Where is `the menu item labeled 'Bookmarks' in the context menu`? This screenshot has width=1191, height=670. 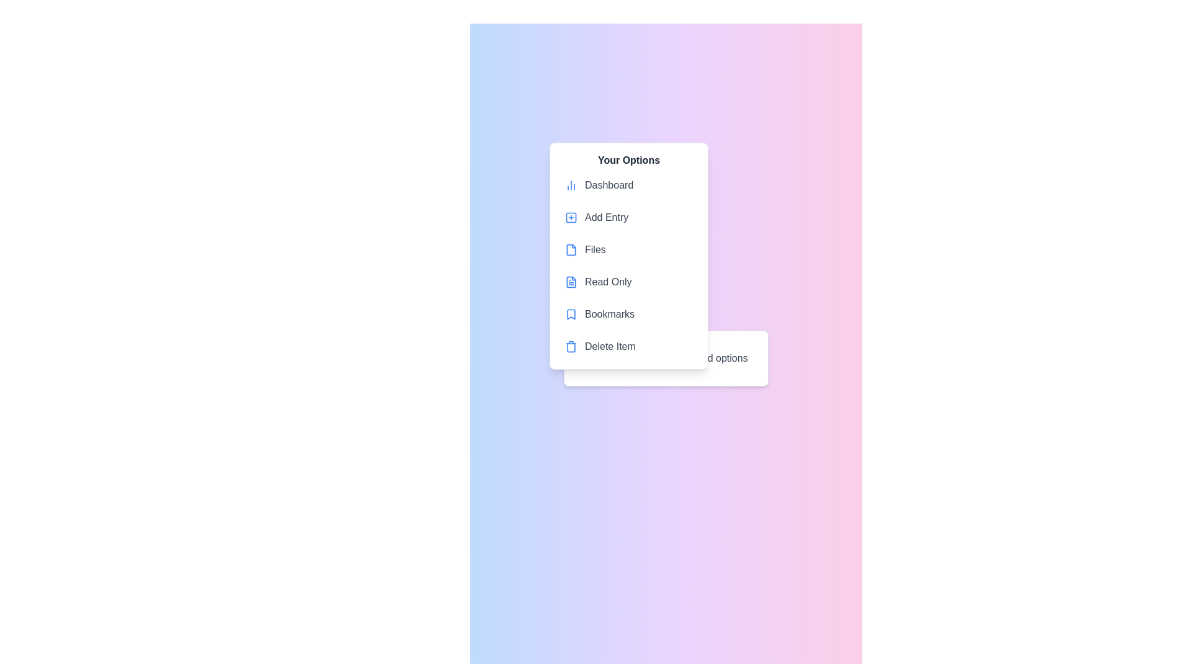 the menu item labeled 'Bookmarks' in the context menu is located at coordinates (628, 313).